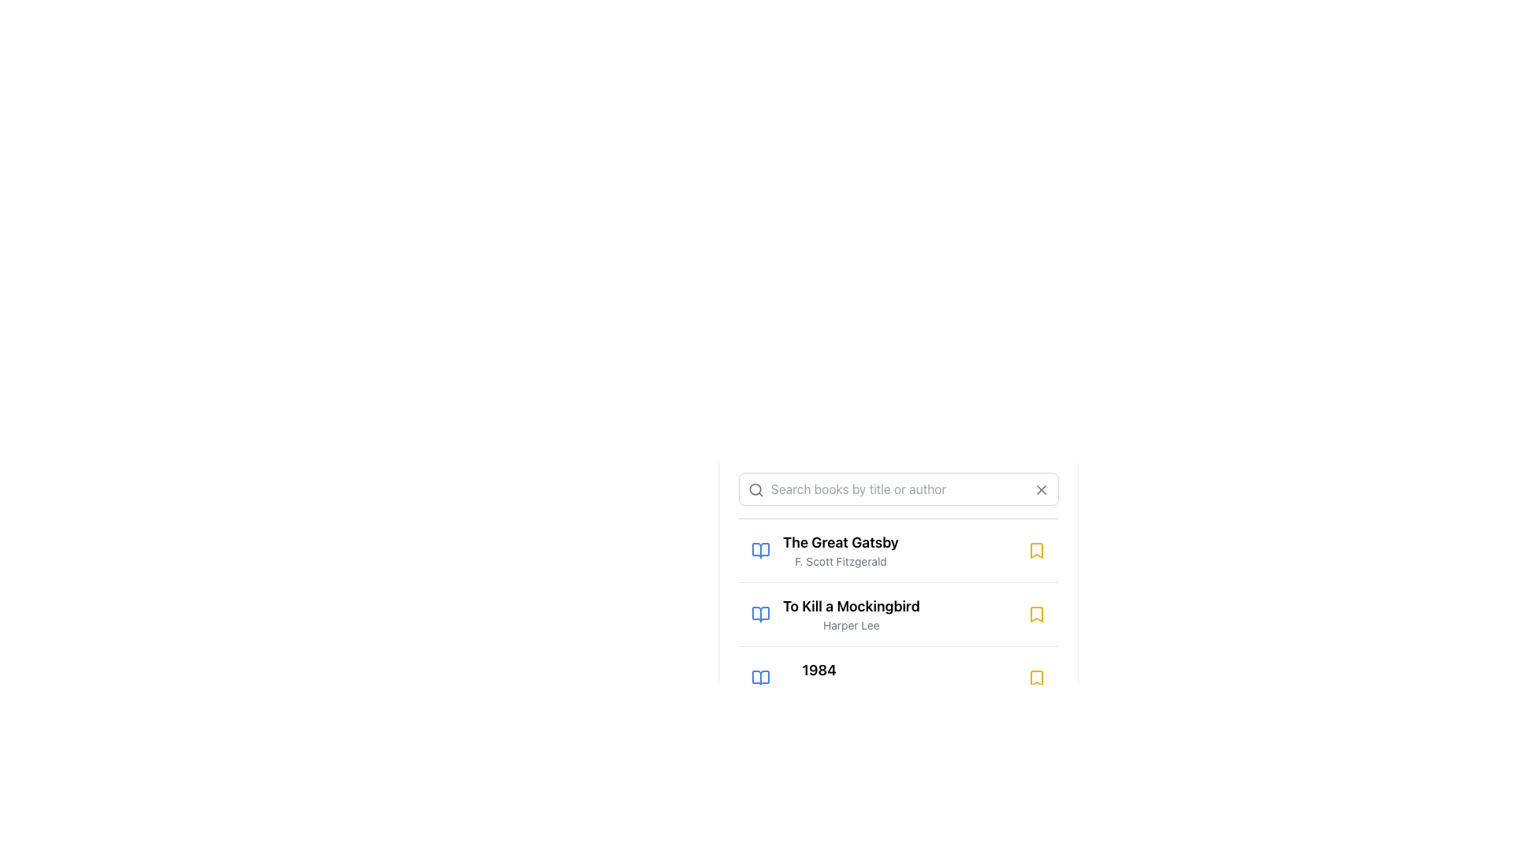 This screenshot has width=1514, height=851. Describe the element at coordinates (850, 613) in the screenshot. I see `the clickable text element 'To Kill a Mockingbird'` at that location.